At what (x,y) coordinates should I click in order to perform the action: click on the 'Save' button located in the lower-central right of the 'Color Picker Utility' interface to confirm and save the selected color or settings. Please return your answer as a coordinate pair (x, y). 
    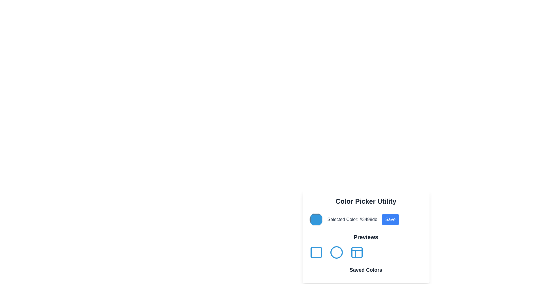
    Looking at the image, I should click on (390, 219).